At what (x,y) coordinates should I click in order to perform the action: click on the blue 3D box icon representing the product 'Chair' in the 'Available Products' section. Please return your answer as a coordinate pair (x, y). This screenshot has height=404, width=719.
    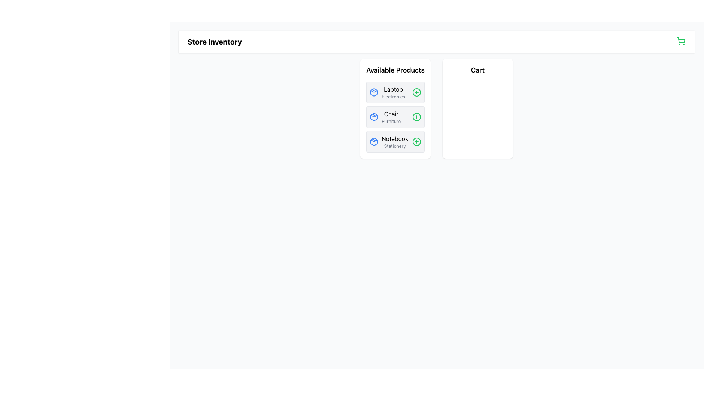
    Looking at the image, I should click on (374, 117).